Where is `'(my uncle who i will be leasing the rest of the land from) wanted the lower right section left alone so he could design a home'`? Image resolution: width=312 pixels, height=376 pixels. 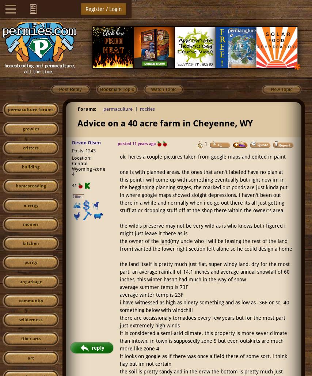
'(my uncle who i will be leasing the rest of the land from) wanted the lower right section left alone so he could design a home' is located at coordinates (205, 244).